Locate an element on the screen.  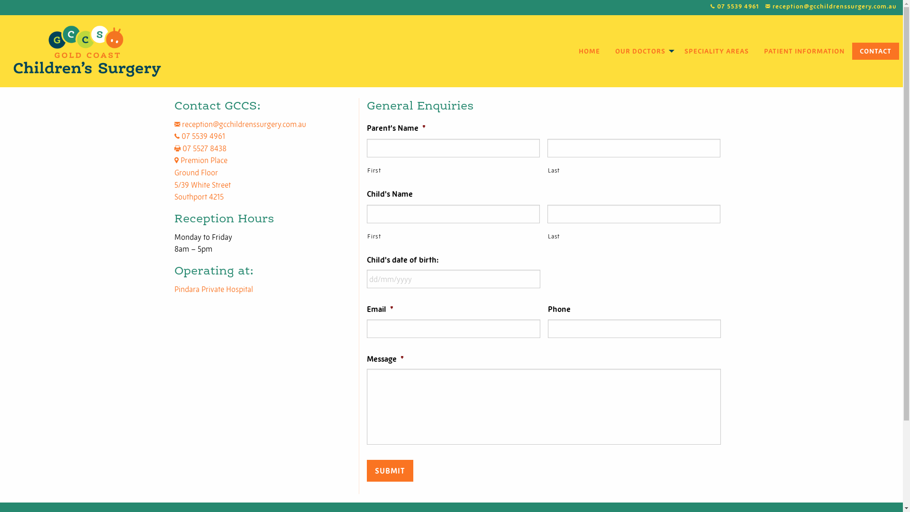
'SPECIALITY AREAS' is located at coordinates (676, 51).